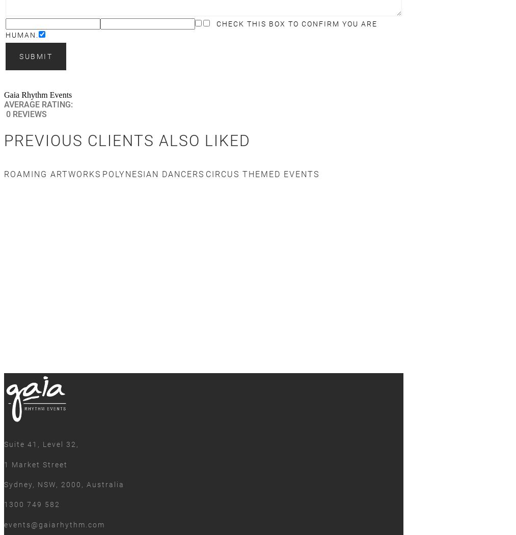 Image resolution: width=516 pixels, height=535 pixels. What do you see at coordinates (4, 174) in the screenshot?
I see `'Roaming Artworks'` at bounding box center [4, 174].